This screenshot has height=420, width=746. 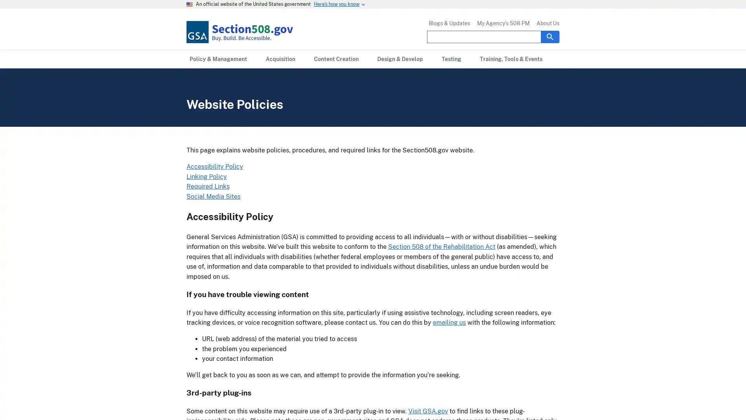 What do you see at coordinates (336, 4) in the screenshot?
I see `Here's how you know` at bounding box center [336, 4].